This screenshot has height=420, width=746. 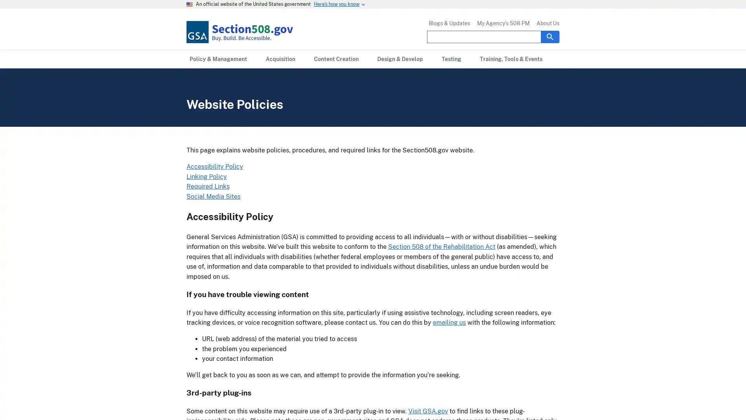 What do you see at coordinates (336, 4) in the screenshot?
I see `Here's how you know` at bounding box center [336, 4].